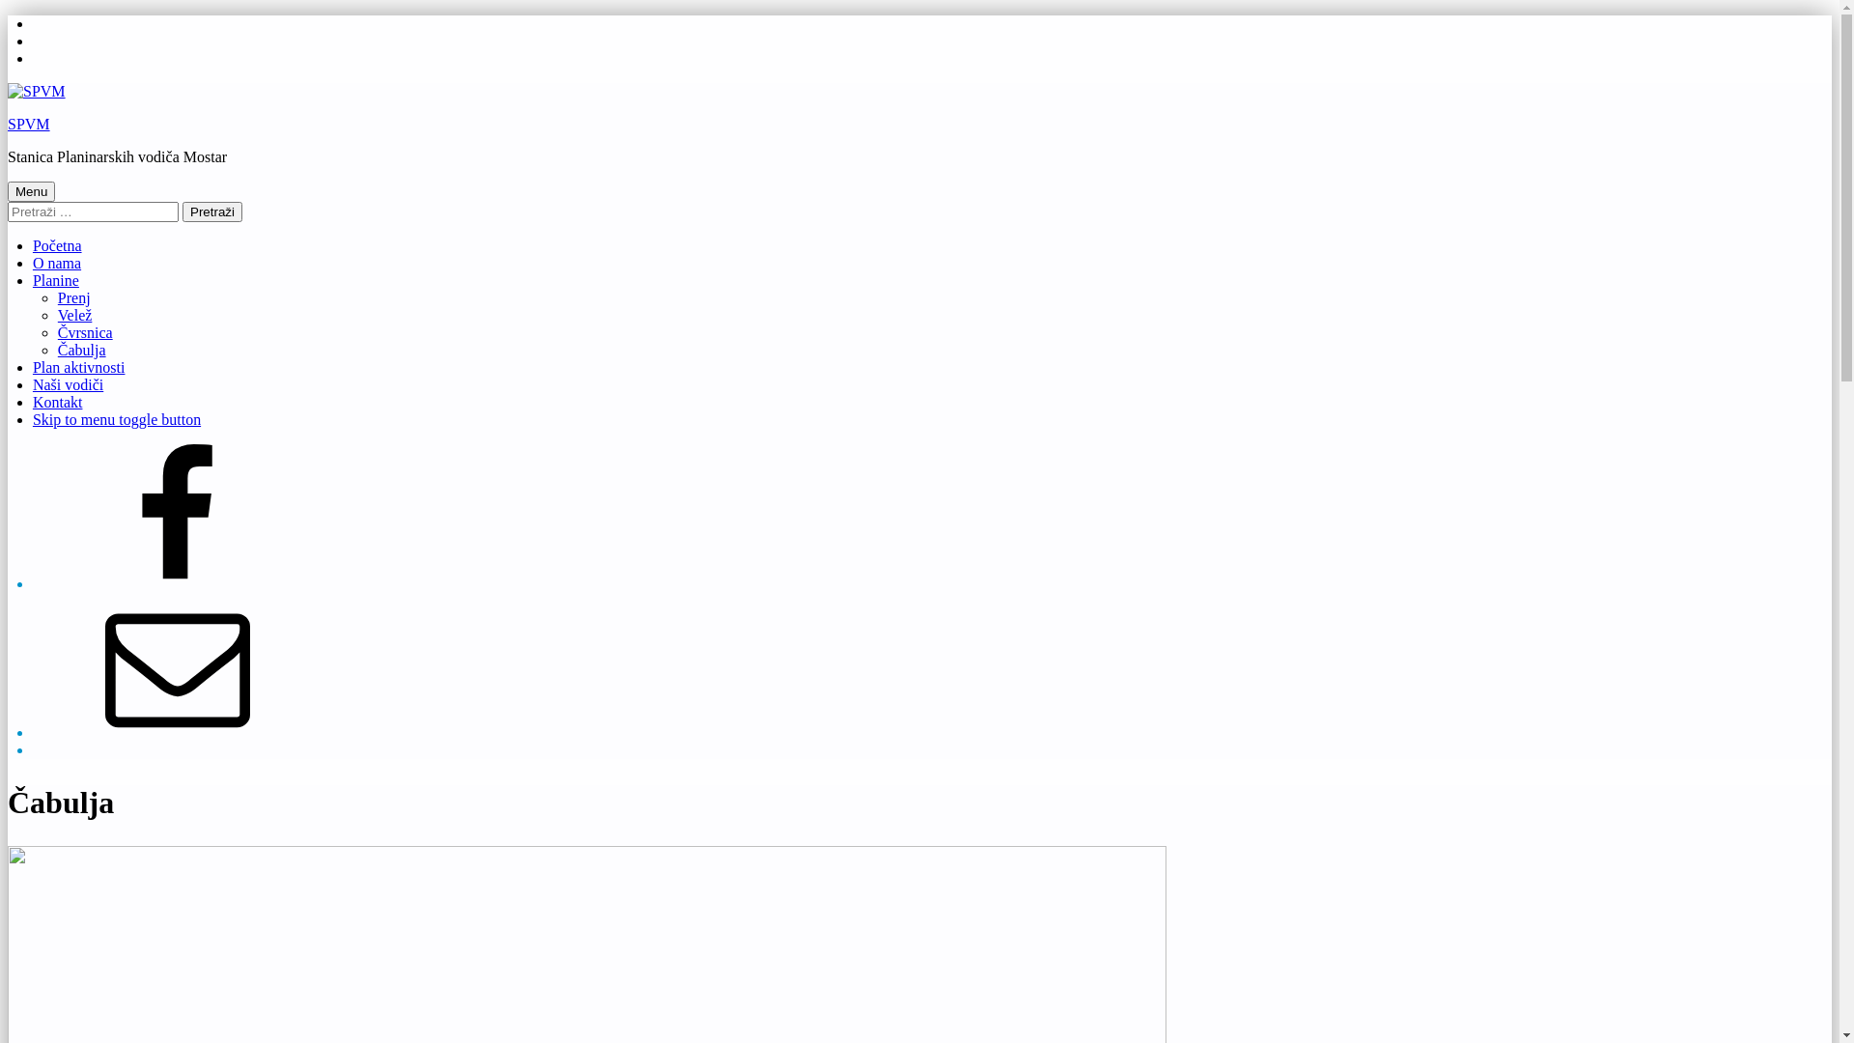  Describe the element at coordinates (28, 124) in the screenshot. I see `'SPVM'` at that location.